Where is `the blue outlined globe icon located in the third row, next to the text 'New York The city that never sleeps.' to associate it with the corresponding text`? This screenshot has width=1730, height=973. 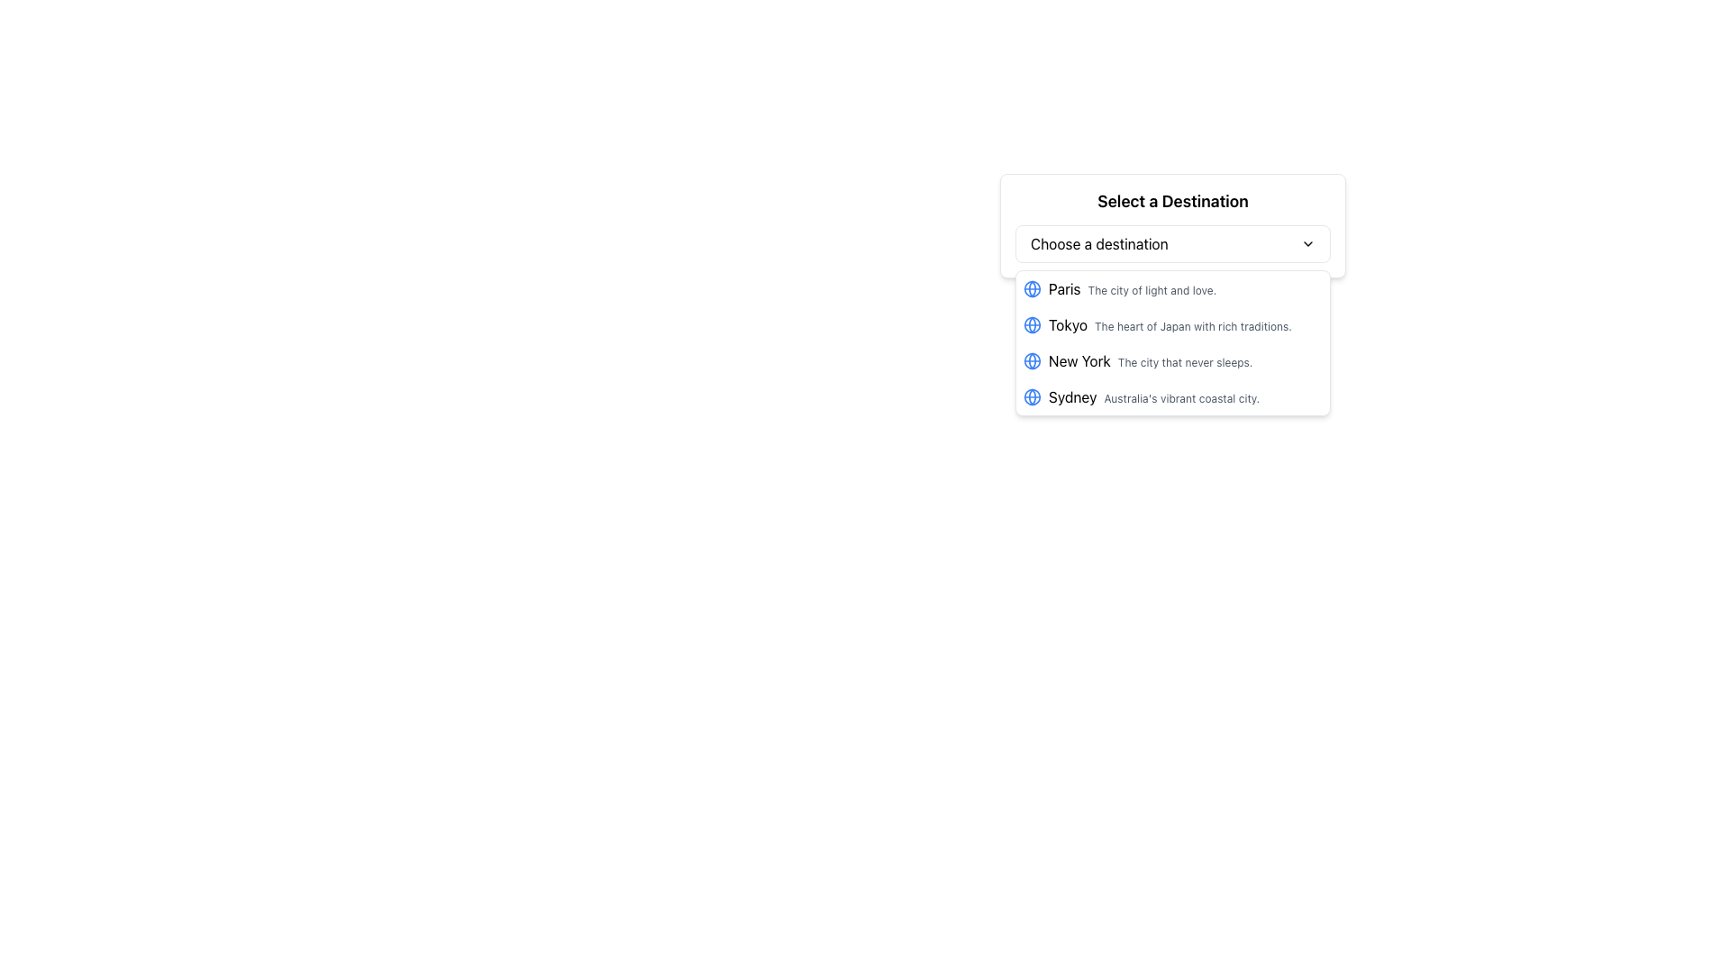 the blue outlined globe icon located in the third row, next to the text 'New York The city that never sleeps.' to associate it with the corresponding text is located at coordinates (1033, 361).